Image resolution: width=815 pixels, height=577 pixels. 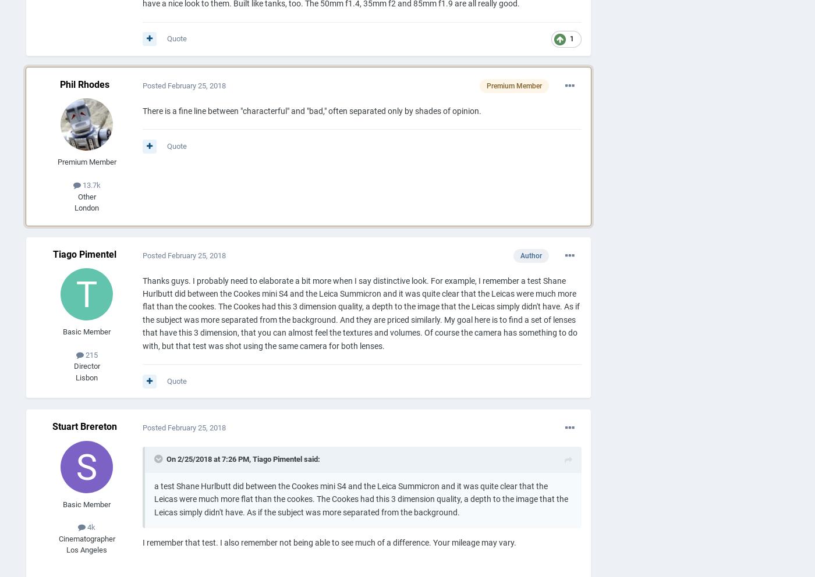 What do you see at coordinates (90, 184) in the screenshot?
I see `'13.7k'` at bounding box center [90, 184].